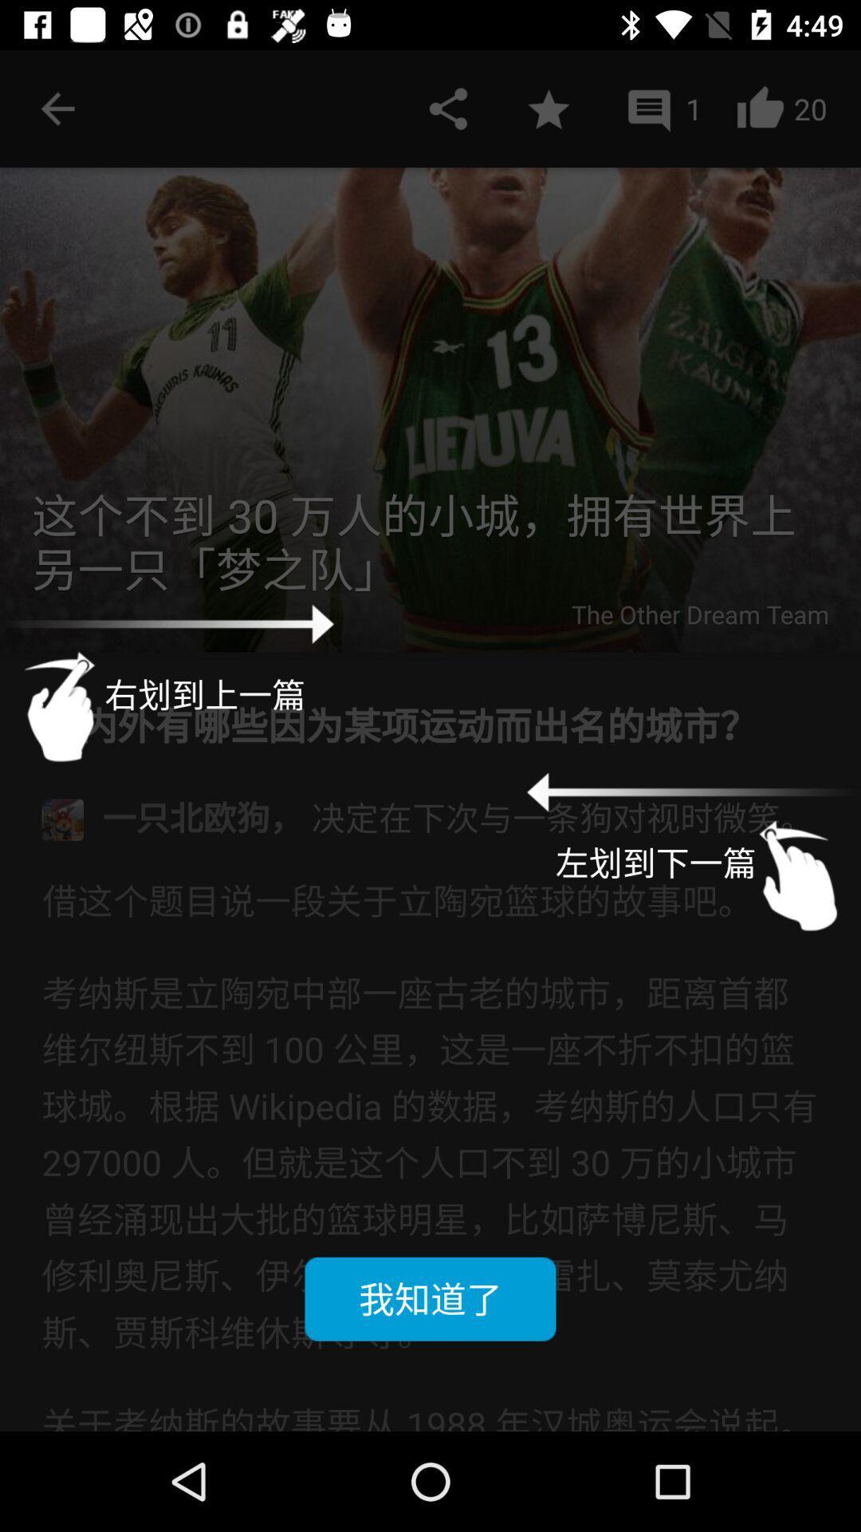  I want to click on share the article, so click(448, 108).